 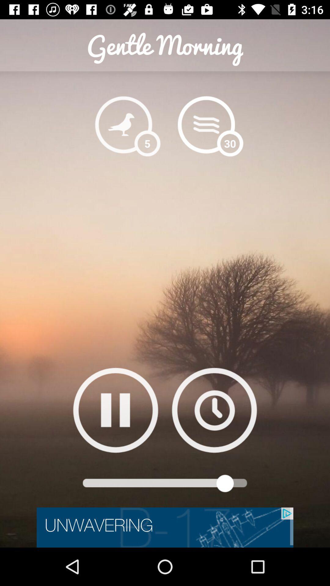 What do you see at coordinates (165, 527) in the screenshot?
I see `navigate to advertised item` at bounding box center [165, 527].